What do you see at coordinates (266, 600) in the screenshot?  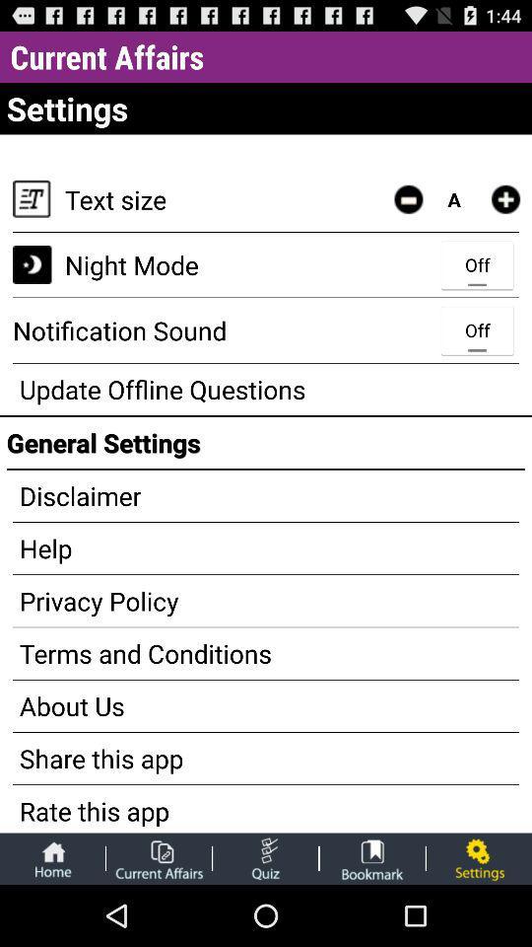 I see `the privacy policy icon` at bounding box center [266, 600].